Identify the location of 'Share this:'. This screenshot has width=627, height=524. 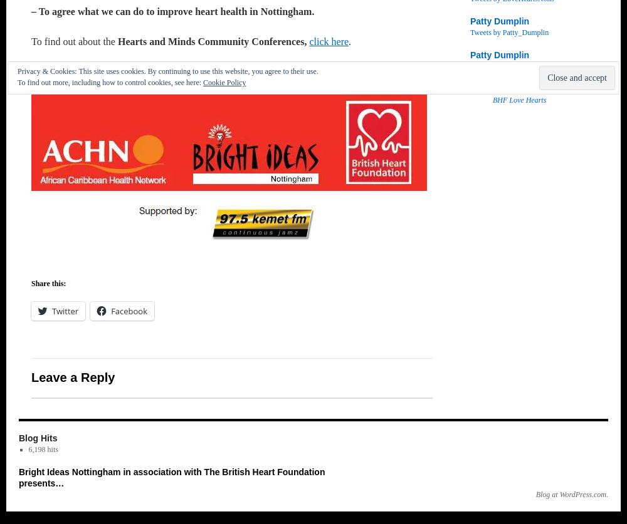
(31, 282).